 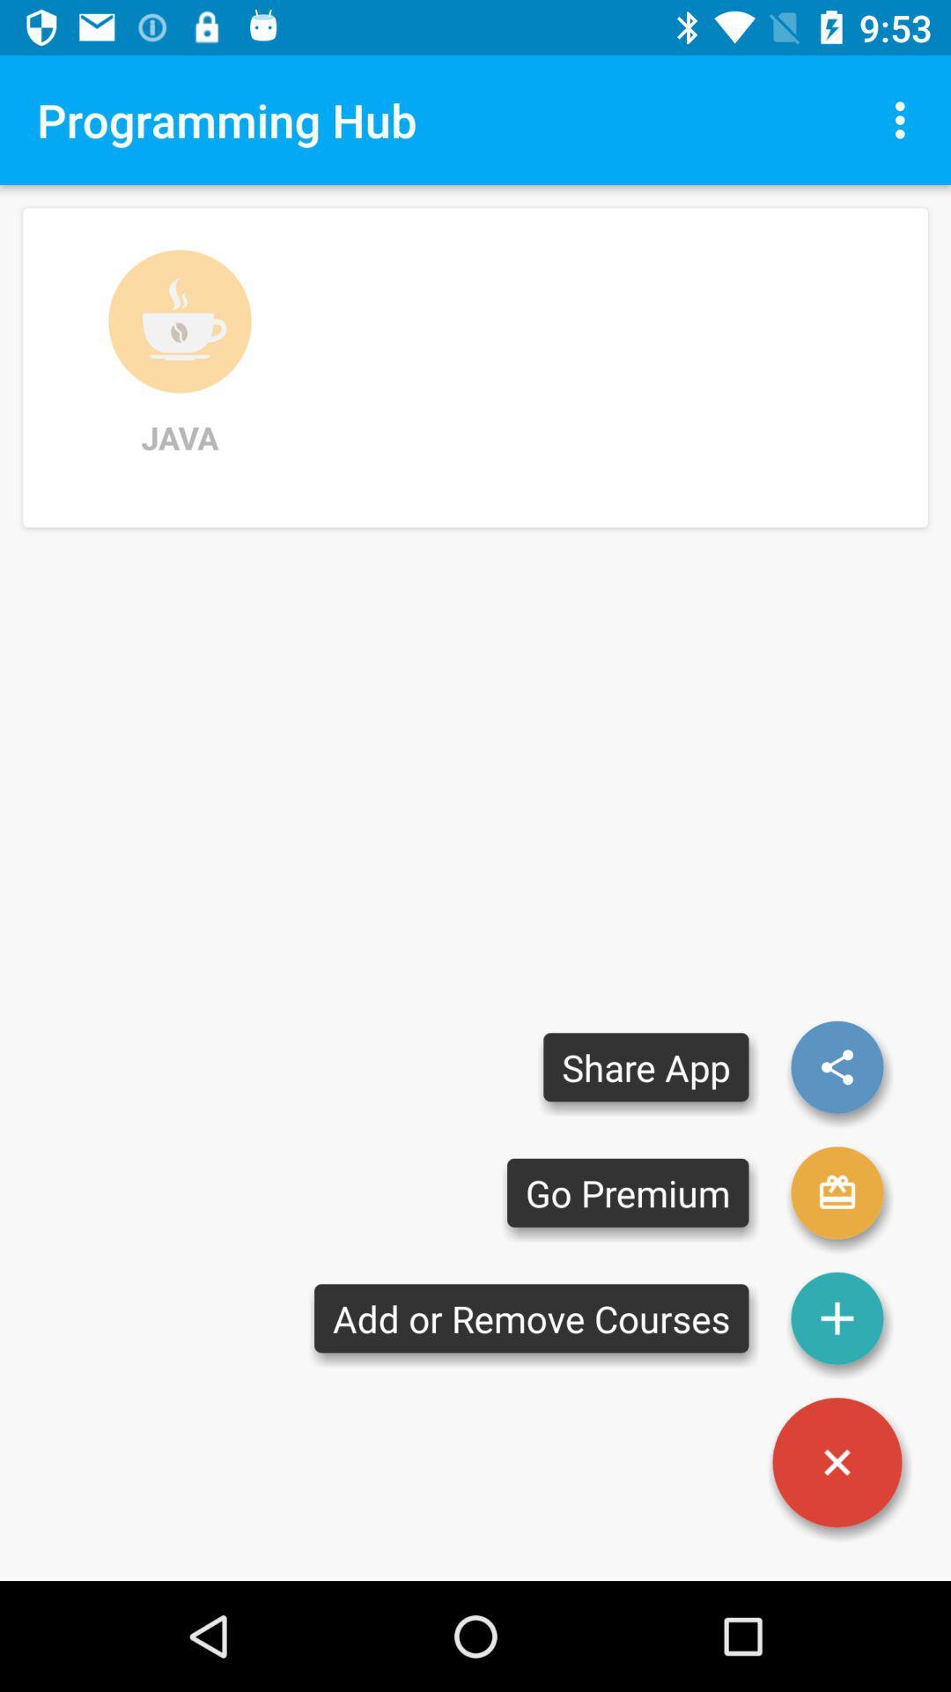 I want to click on the add icon, so click(x=837, y=1318).